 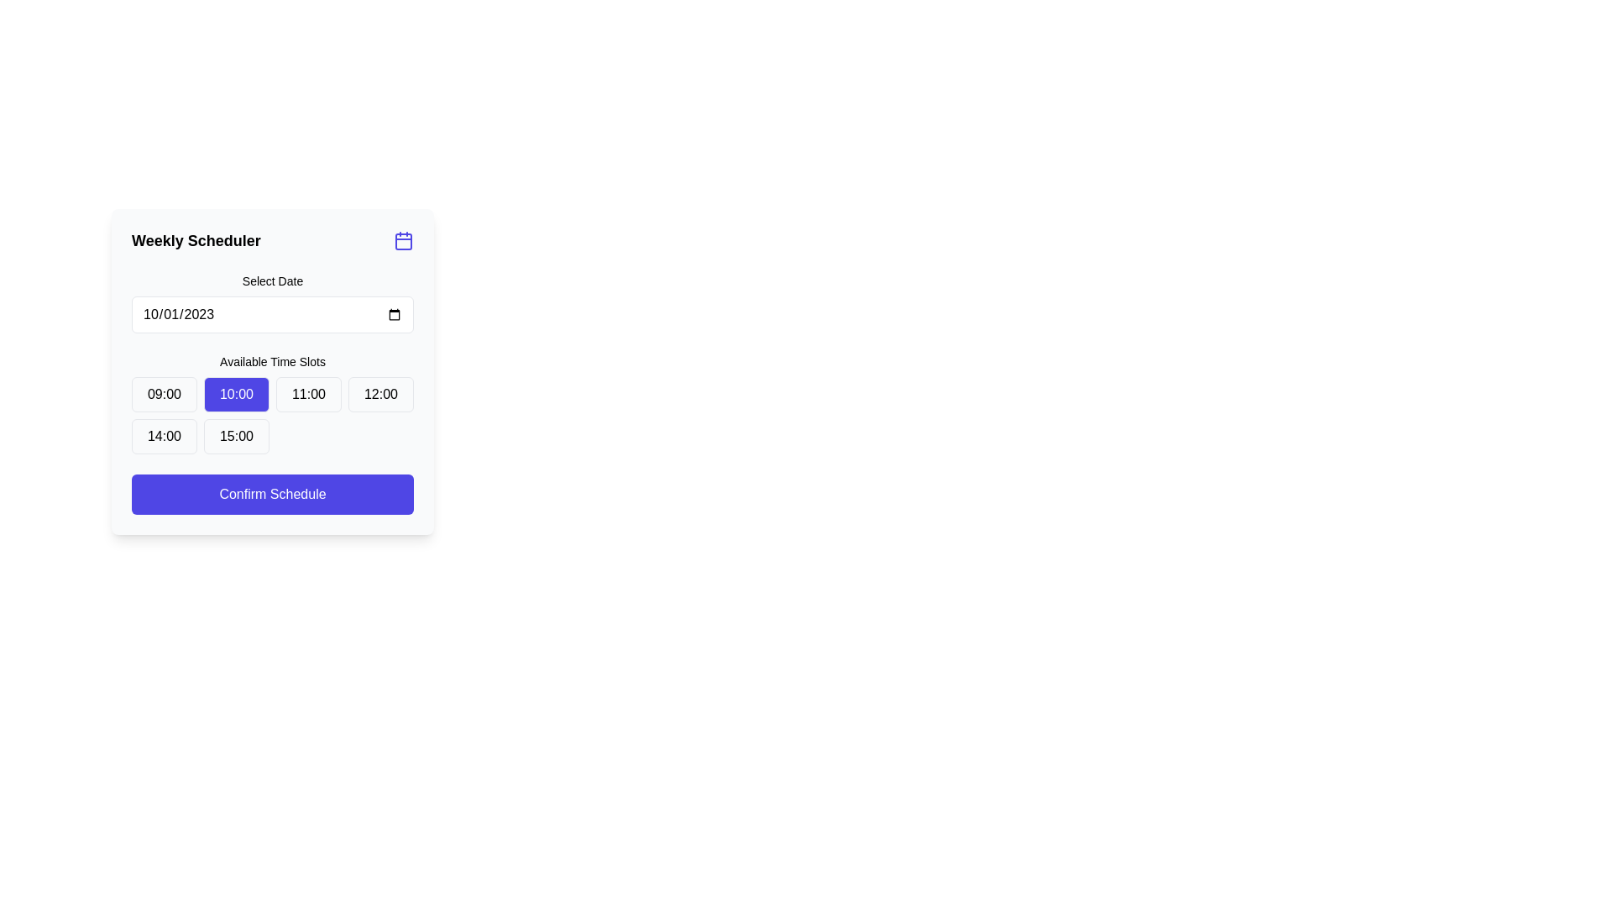 I want to click on the '10:00' time slot button, which is the second button in the grid layout of time slots, so click(x=236, y=395).